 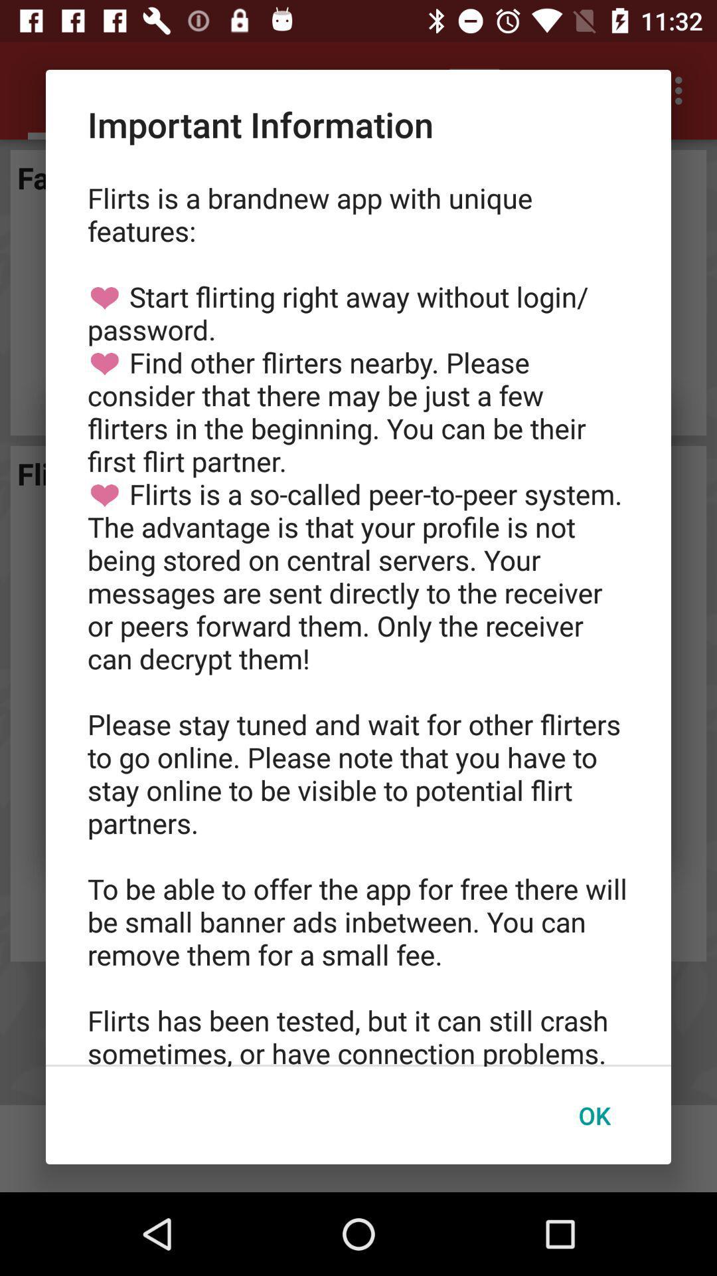 What do you see at coordinates (594, 1115) in the screenshot?
I see `ok` at bounding box center [594, 1115].